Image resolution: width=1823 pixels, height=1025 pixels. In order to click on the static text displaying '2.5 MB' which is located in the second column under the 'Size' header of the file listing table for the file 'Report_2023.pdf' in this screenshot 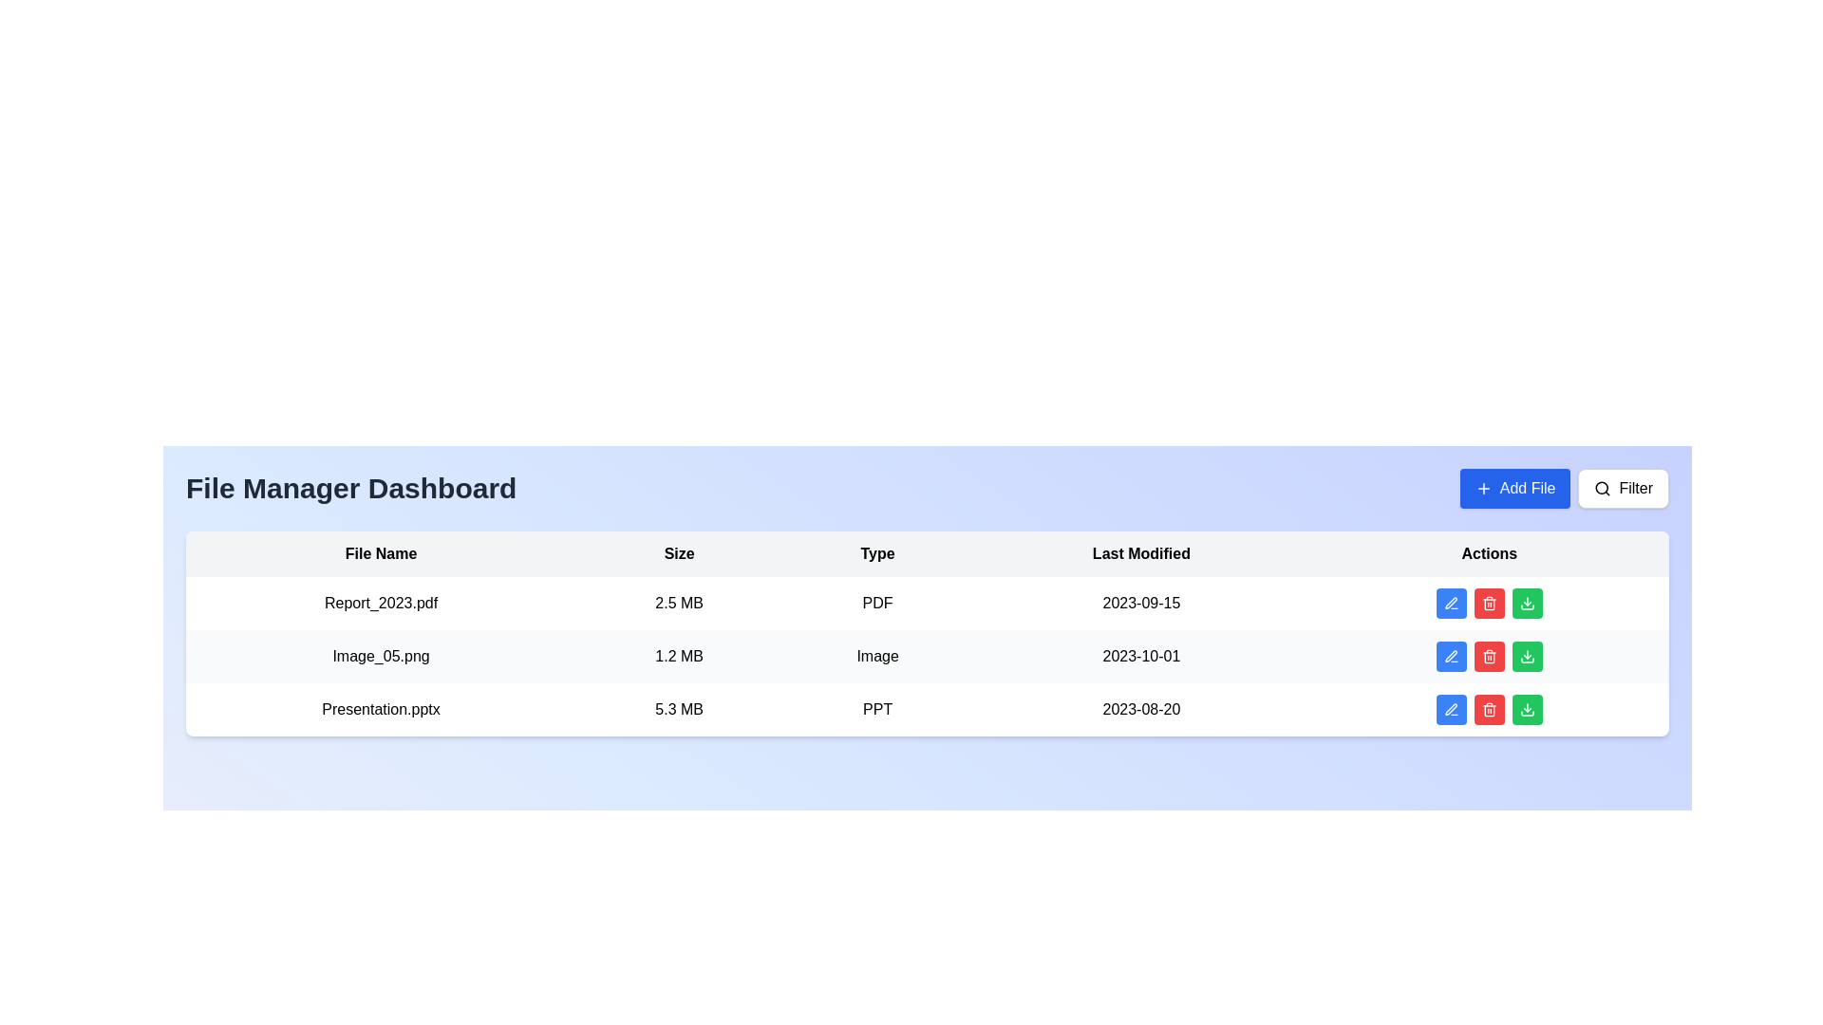, I will do `click(679, 604)`.